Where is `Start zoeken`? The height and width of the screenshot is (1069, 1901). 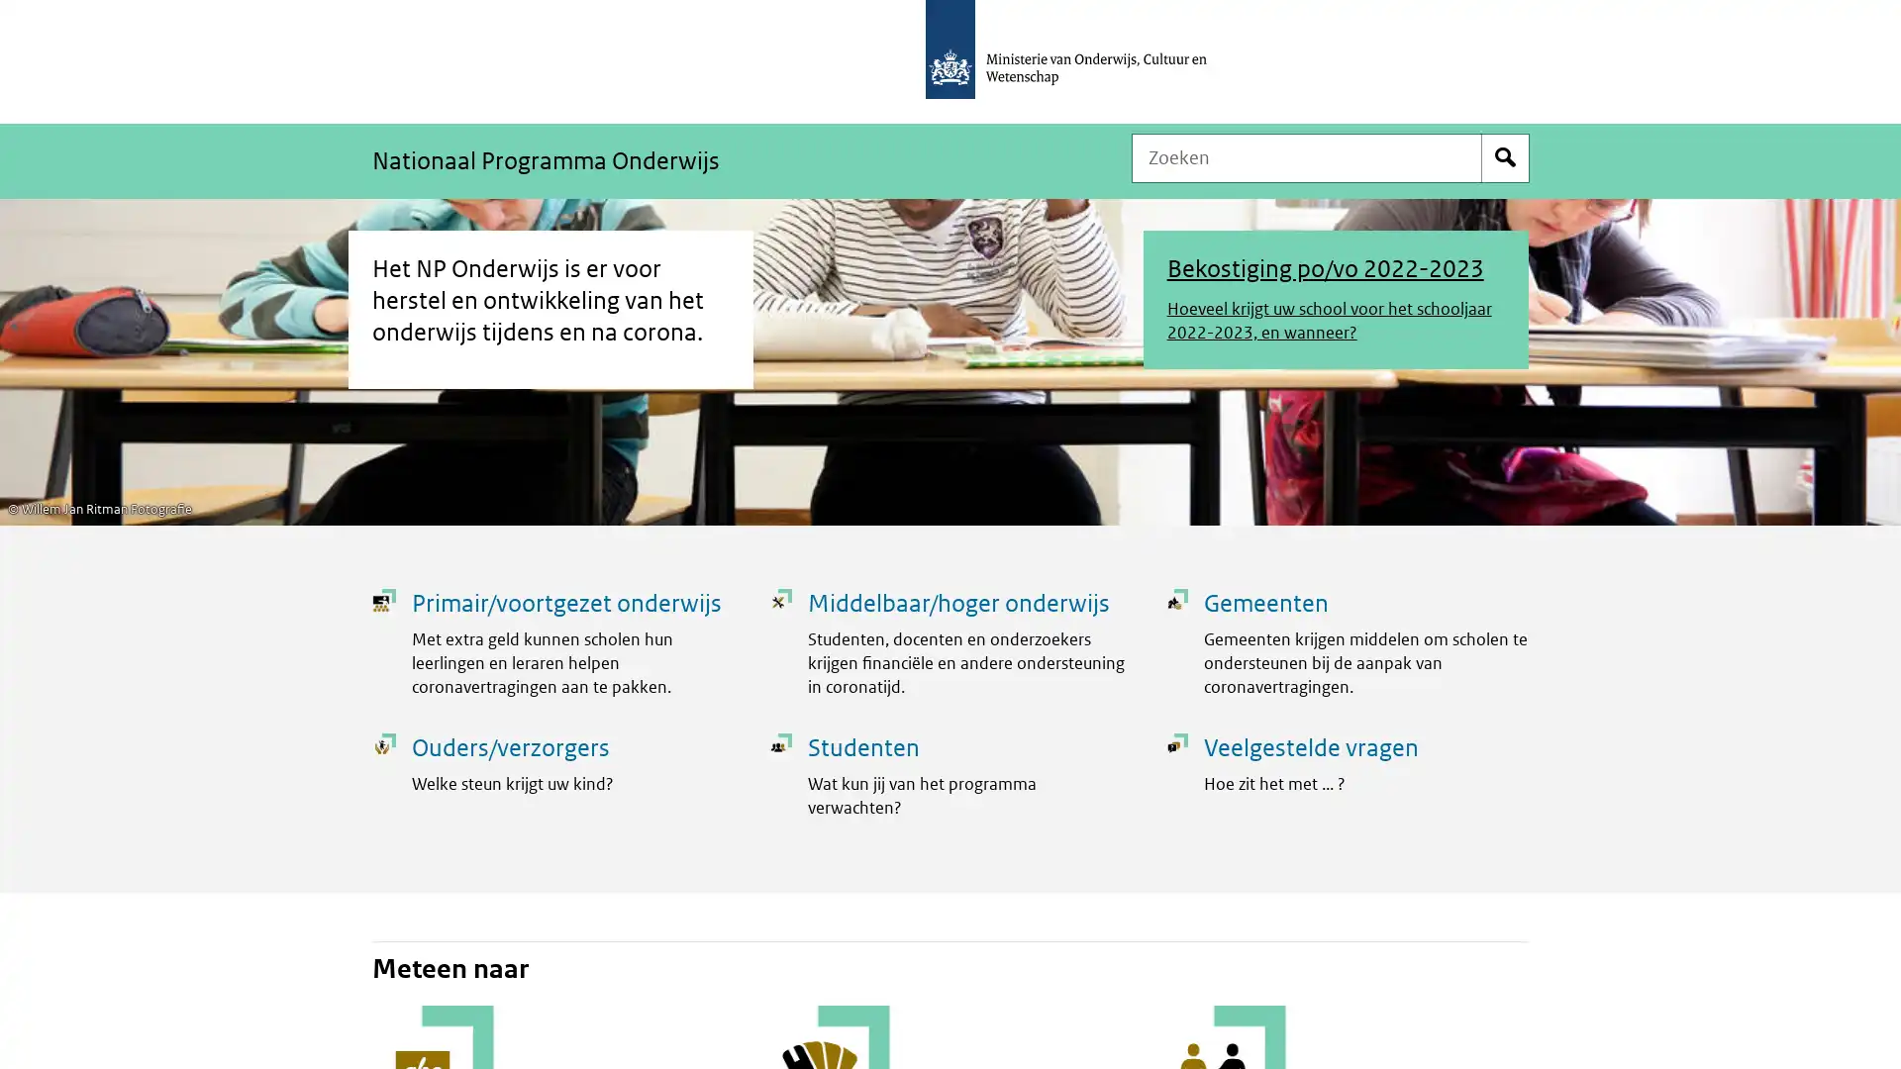
Start zoeken is located at coordinates (1505, 156).